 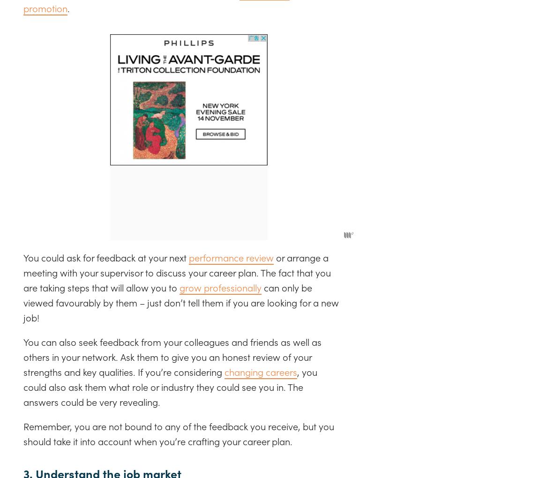 I want to click on '.', so click(x=69, y=7).